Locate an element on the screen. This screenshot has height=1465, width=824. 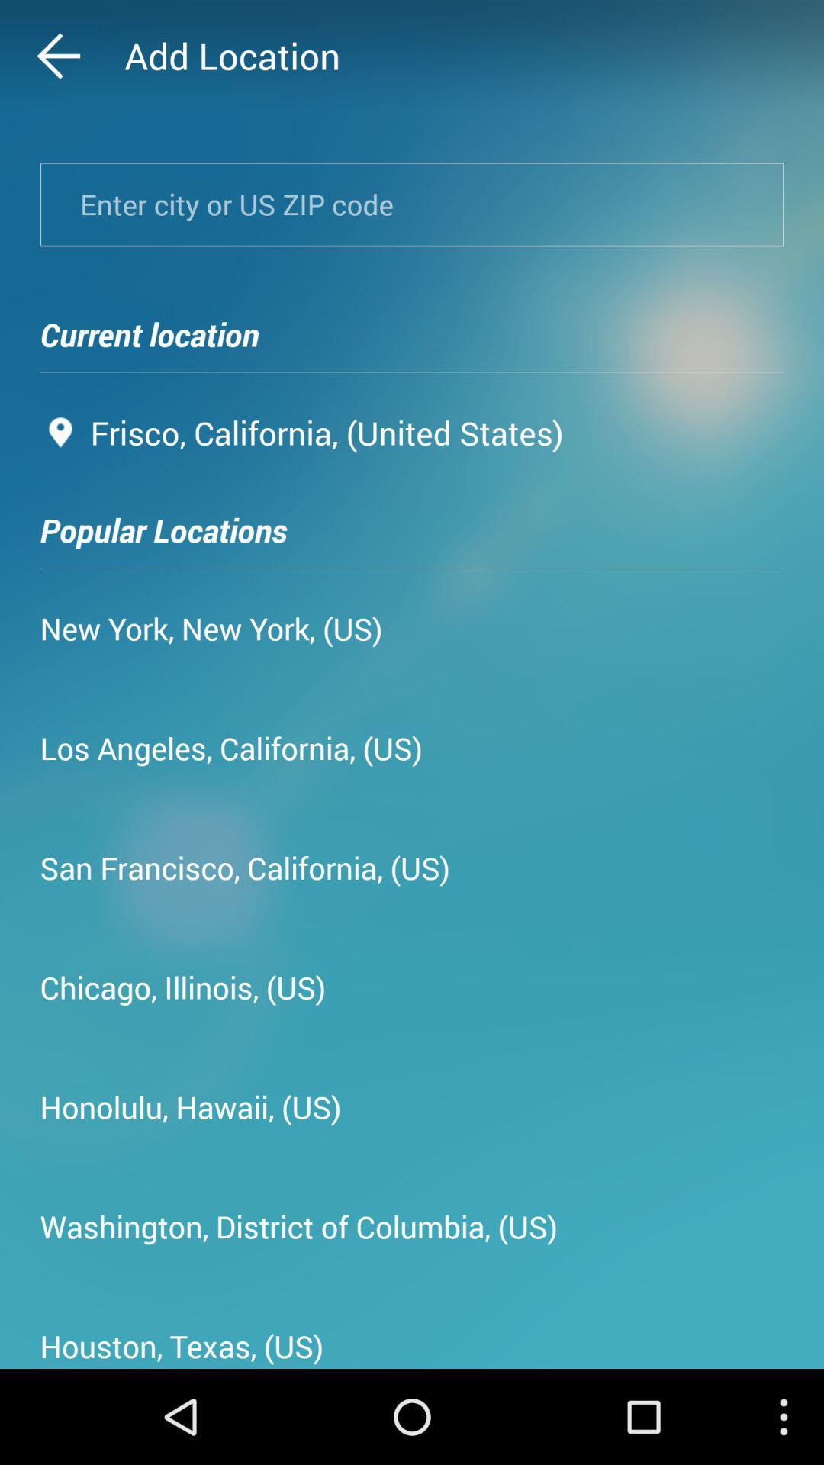
item above honolulu, hawaii, (us) icon is located at coordinates (182, 987).